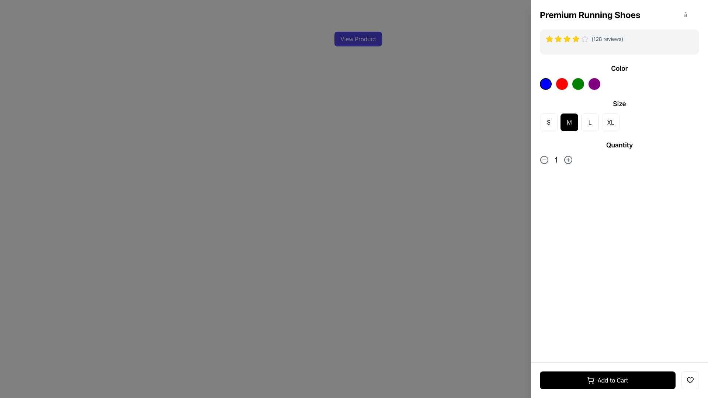 The image size is (708, 398). What do you see at coordinates (566, 39) in the screenshot?
I see `the fourth star icon in the rating system located in the top-right section of the interface` at bounding box center [566, 39].